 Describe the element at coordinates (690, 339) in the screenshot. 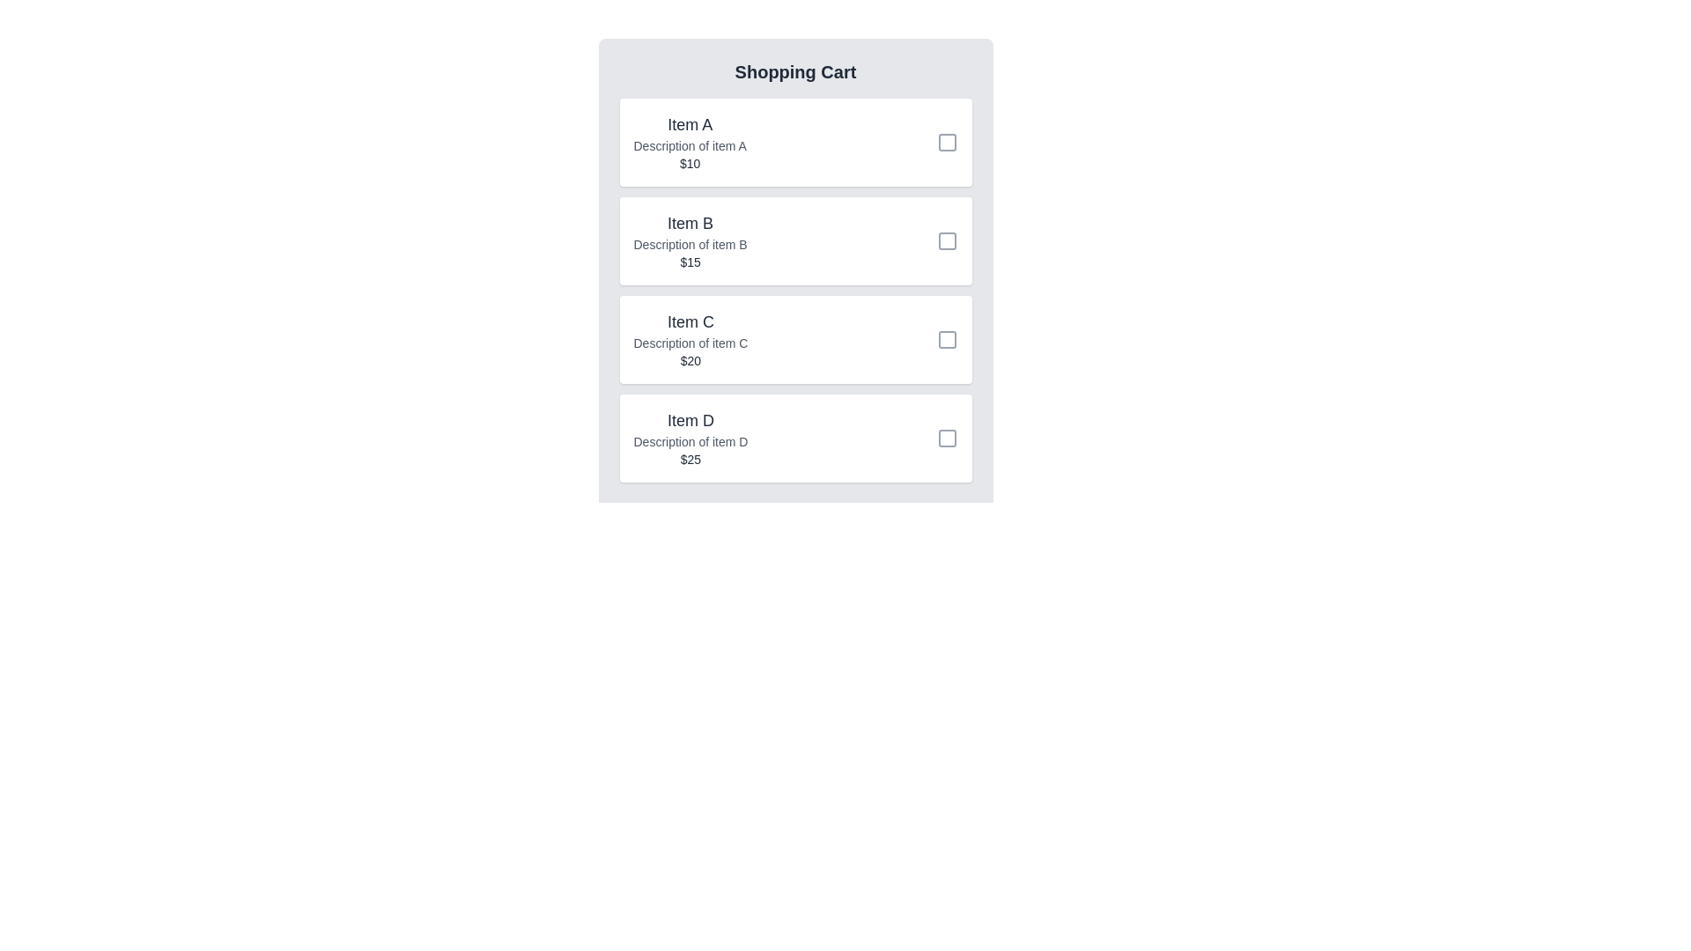

I see `the text block displaying 'Item C' in the shopping cart, which includes its description and price` at that location.